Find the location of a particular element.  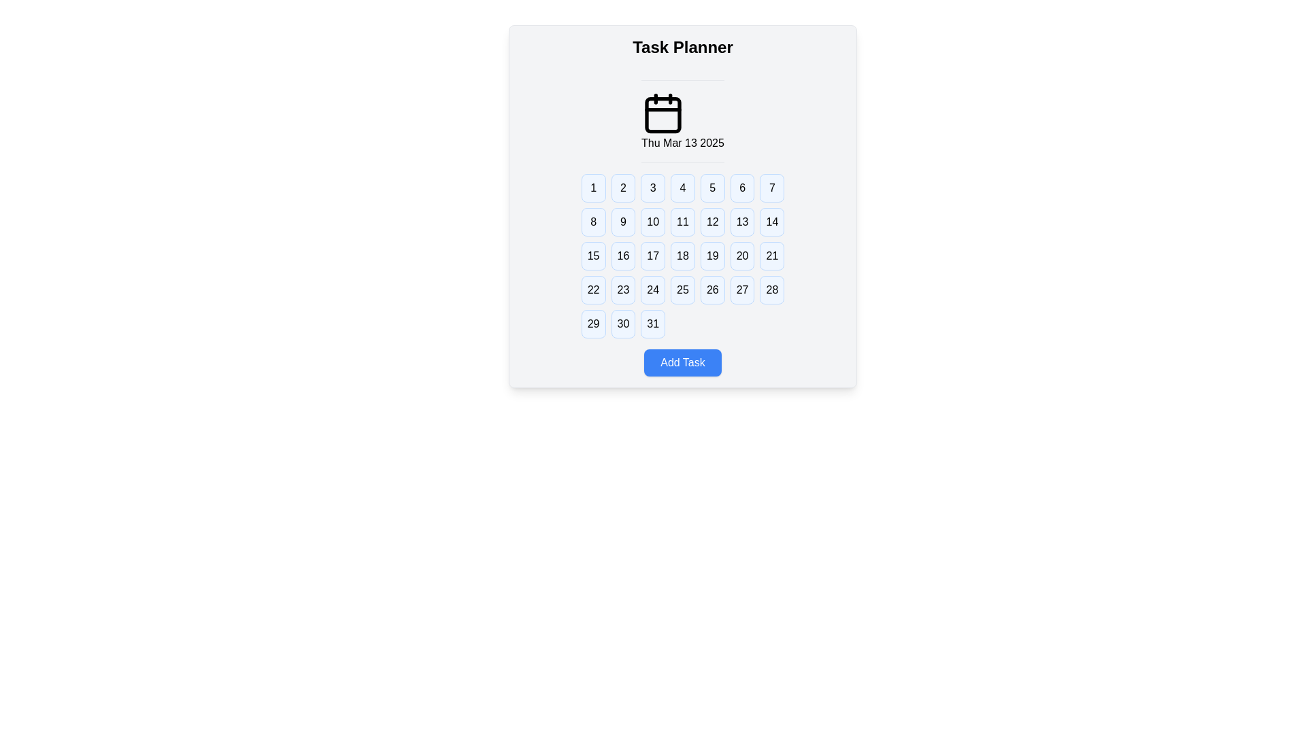

the Calendar Date Element, which is a button-like element with a light blue background and the number '1' in the center, located in the top-left corner of the grid layout is located at coordinates (593, 188).